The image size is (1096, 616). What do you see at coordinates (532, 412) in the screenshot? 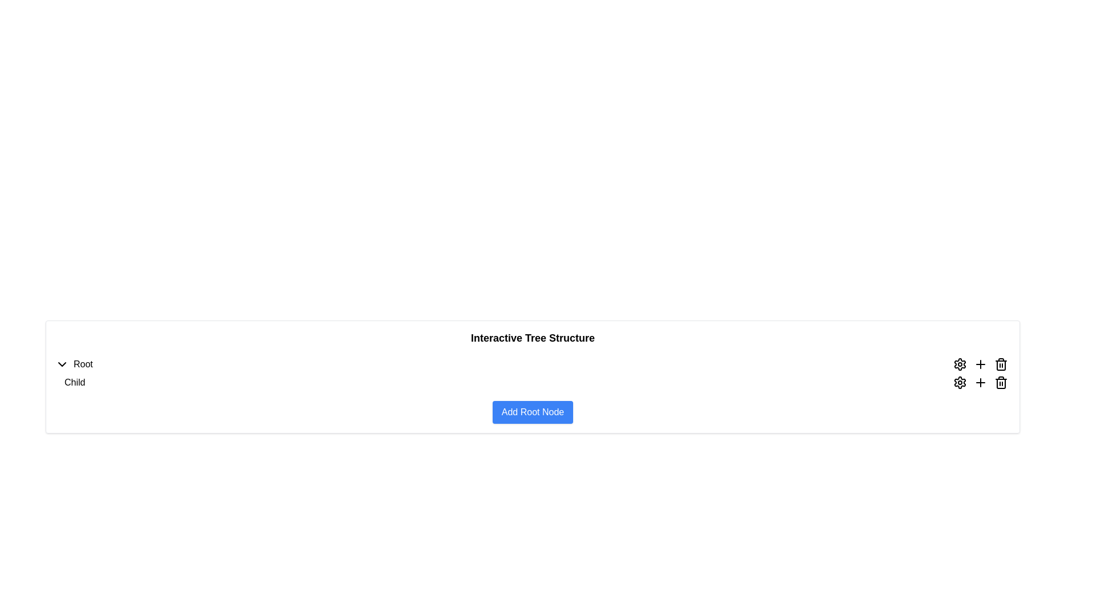
I see `the 'Add Root Node' button, which is a rectangular button with white text on a blue background, located centrally at the bottom of the 'Interactive Tree Structure' section` at bounding box center [532, 412].